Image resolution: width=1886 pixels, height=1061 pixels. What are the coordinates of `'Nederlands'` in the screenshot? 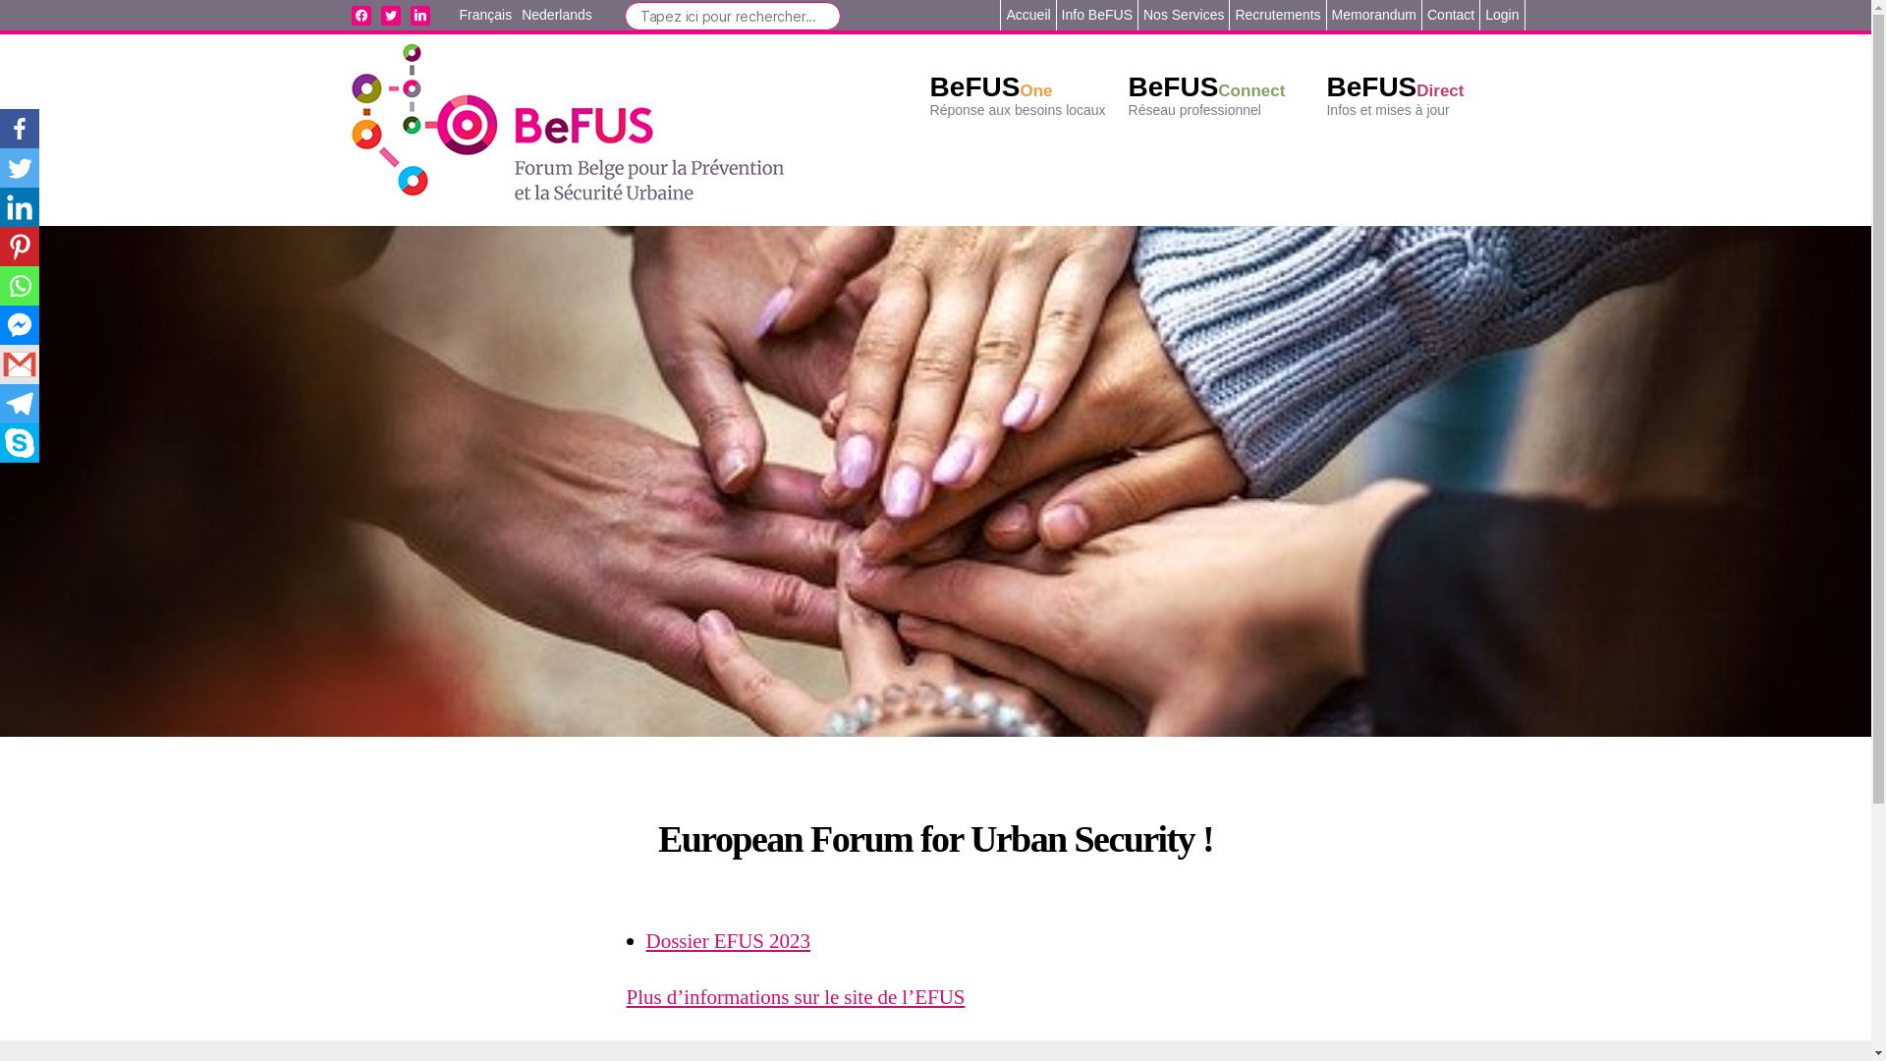 It's located at (555, 15).